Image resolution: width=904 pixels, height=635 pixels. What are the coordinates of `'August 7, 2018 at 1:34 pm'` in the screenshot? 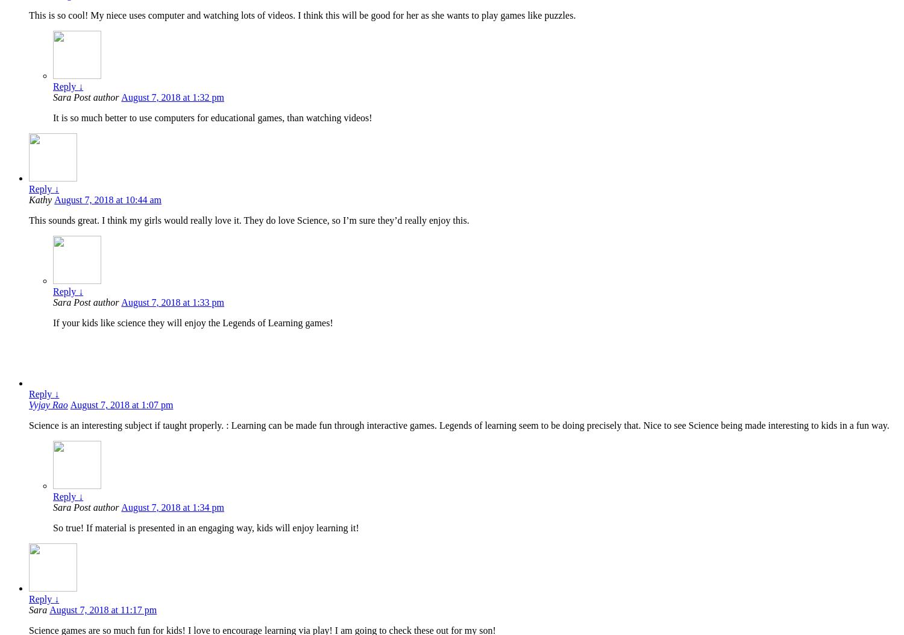 It's located at (121, 507).